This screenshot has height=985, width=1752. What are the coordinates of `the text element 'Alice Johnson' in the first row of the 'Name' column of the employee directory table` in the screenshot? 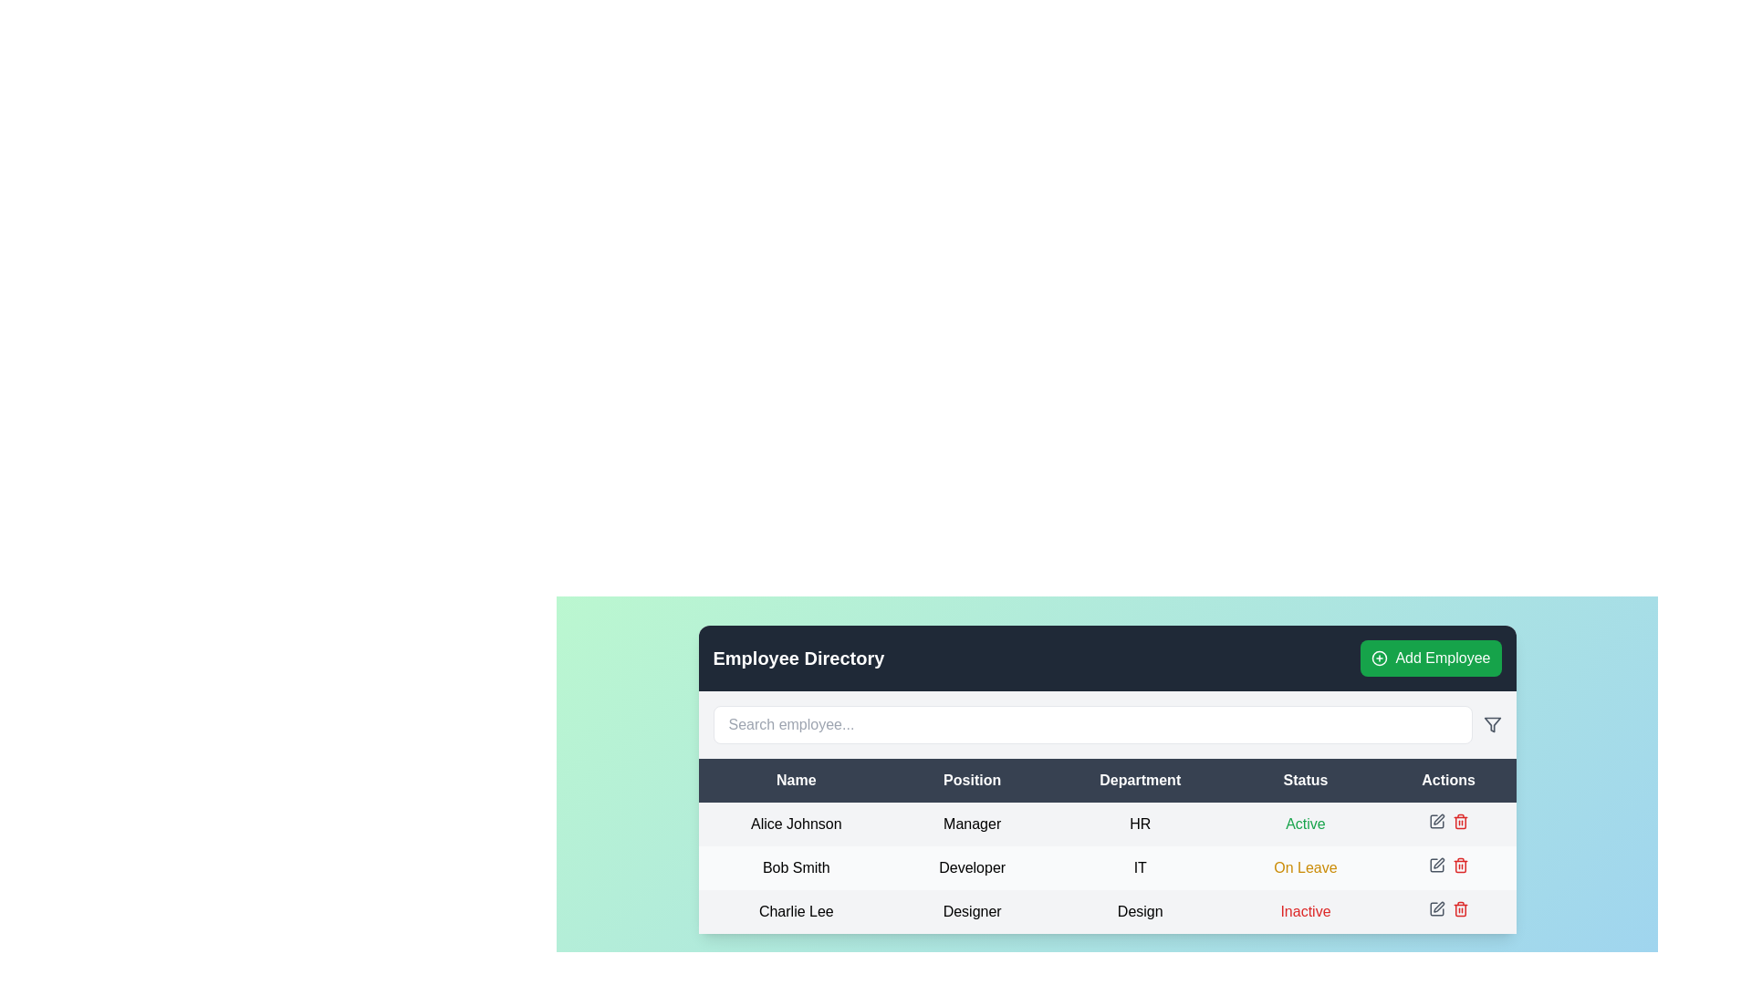 It's located at (796, 824).